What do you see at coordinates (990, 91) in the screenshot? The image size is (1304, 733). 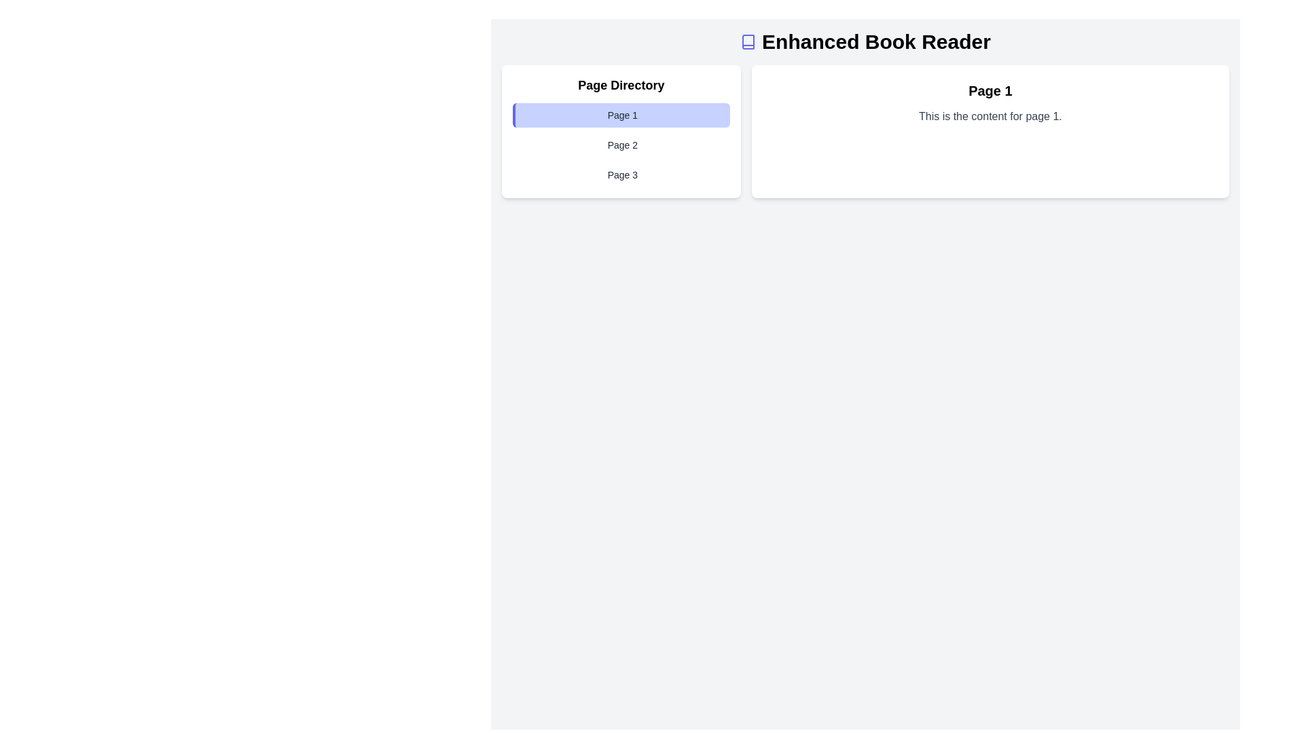 I see `title text displayed at the top of the card-like element on the right half of the interface, which provides a quick reference to the content's topic` at bounding box center [990, 91].